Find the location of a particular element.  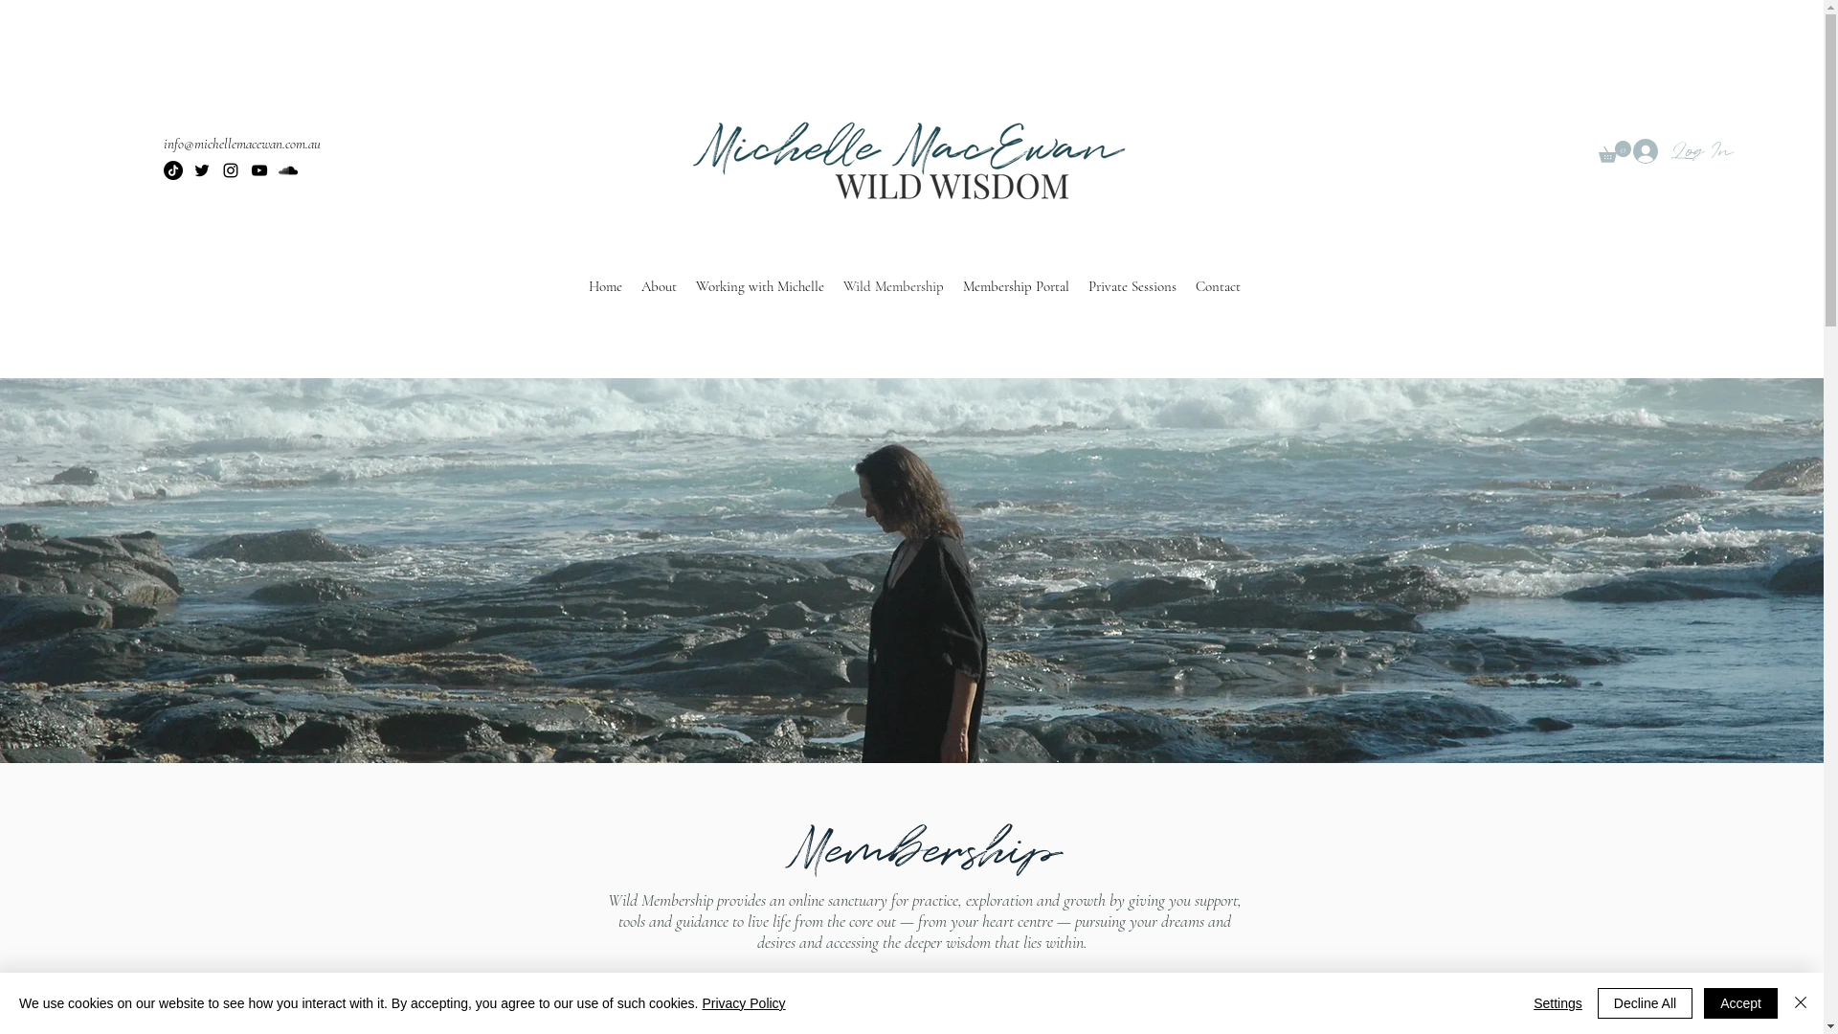

'Home' is located at coordinates (577, 286).